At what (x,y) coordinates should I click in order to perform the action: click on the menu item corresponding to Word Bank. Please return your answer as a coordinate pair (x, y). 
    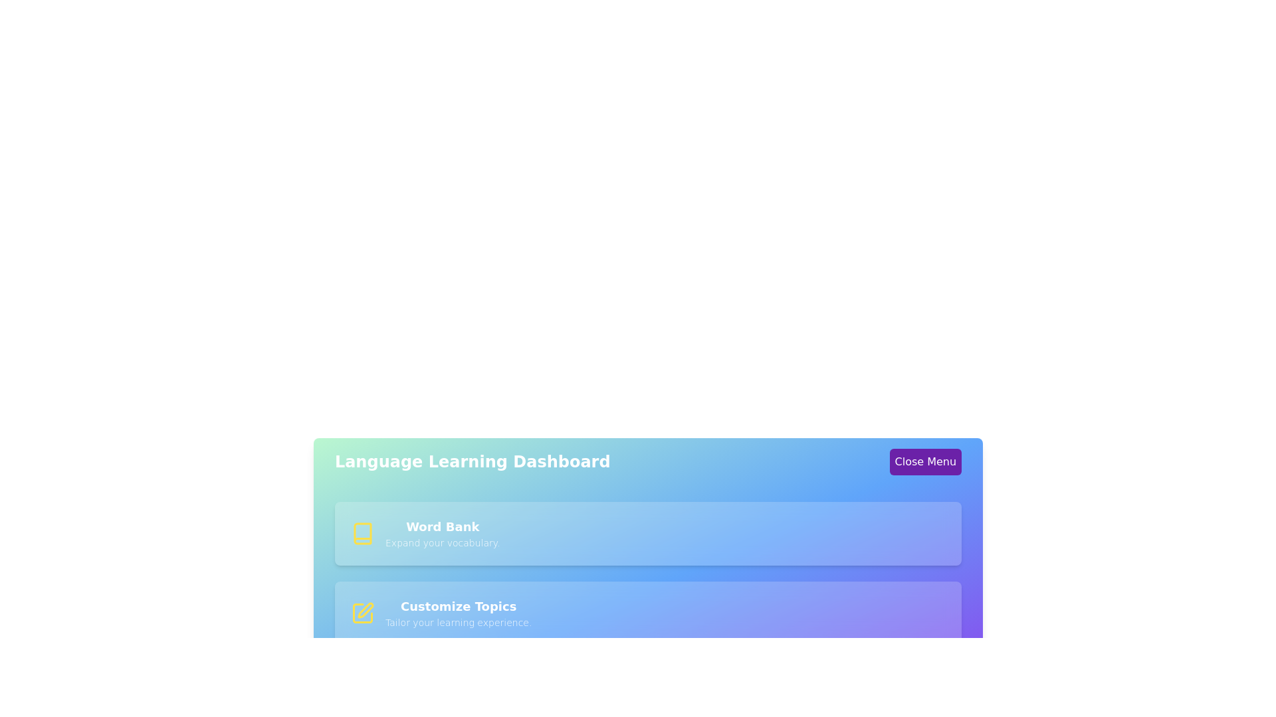
    Looking at the image, I should click on (648, 532).